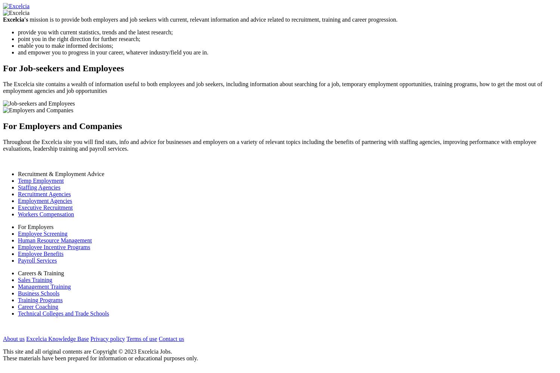  Describe the element at coordinates (63, 313) in the screenshot. I see `'Technical Colleges and Trade Schools'` at that location.